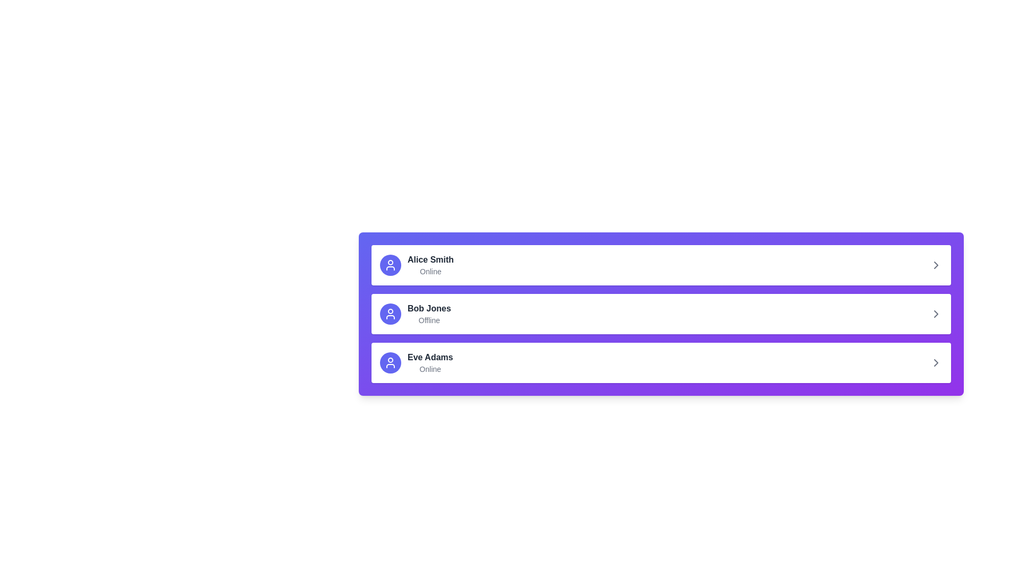 Image resolution: width=1019 pixels, height=573 pixels. I want to click on the chevron-shaped Arrow Icon pointing to the right, located in the section labeled 'Bob Jones Offline', so click(936, 313).